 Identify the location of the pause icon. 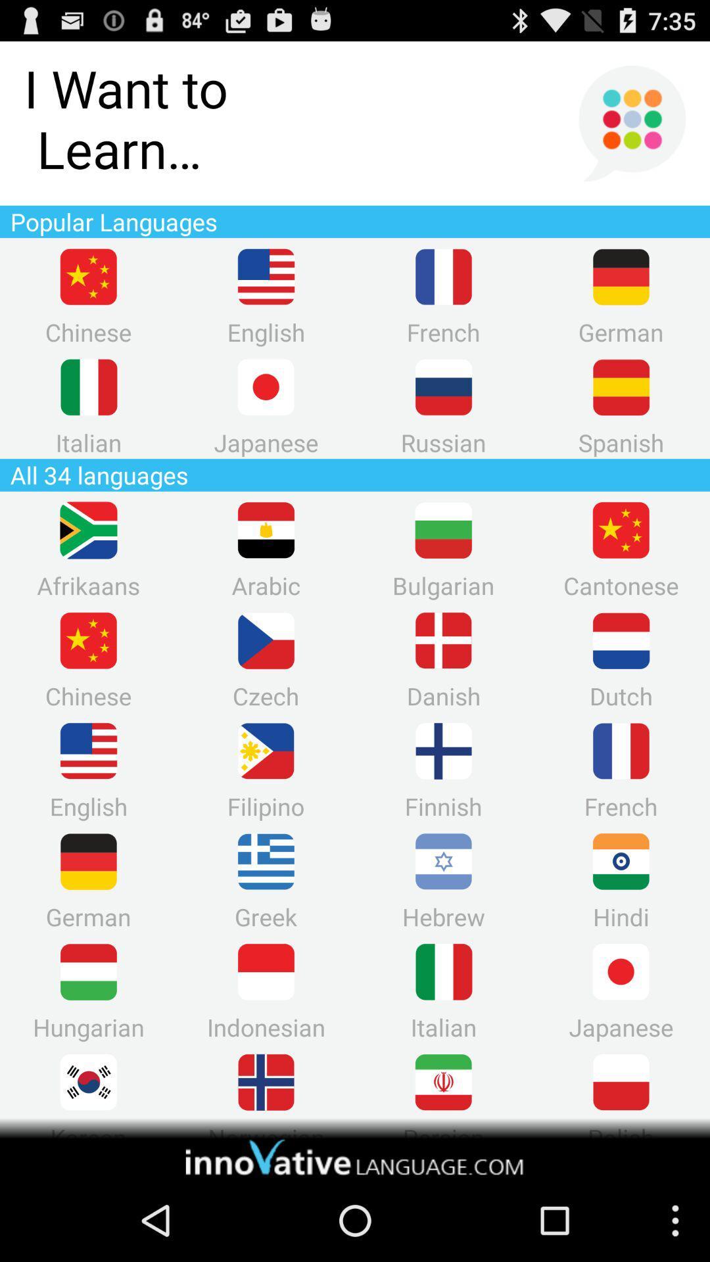
(89, 413).